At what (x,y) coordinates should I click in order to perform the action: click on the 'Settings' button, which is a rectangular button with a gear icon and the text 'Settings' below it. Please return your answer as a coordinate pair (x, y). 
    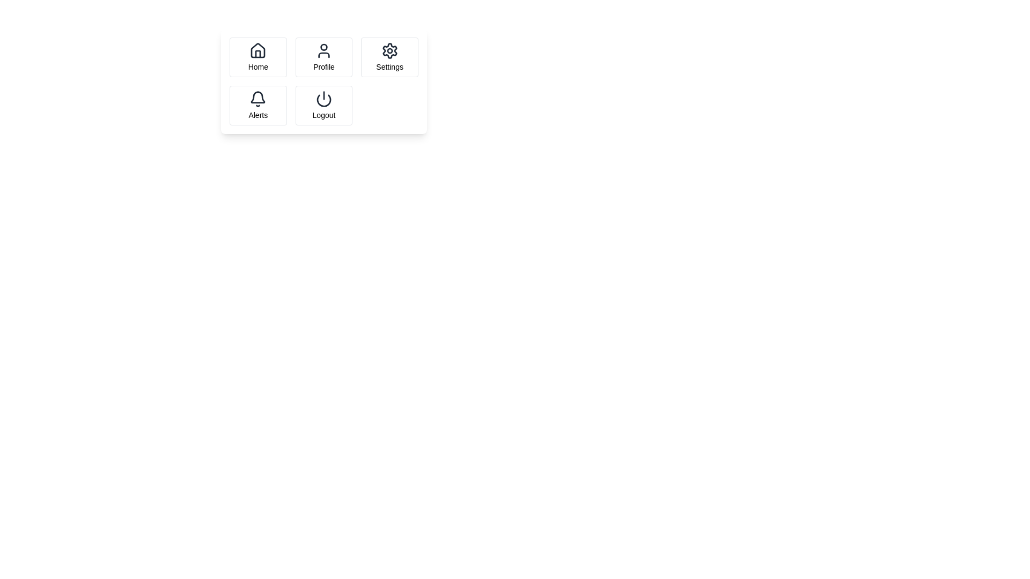
    Looking at the image, I should click on (389, 57).